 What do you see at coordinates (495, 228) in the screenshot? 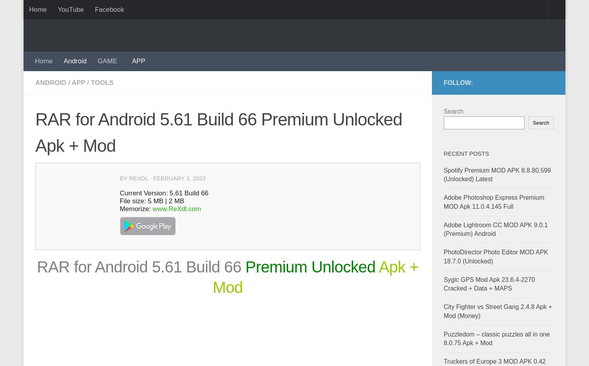
I see `'Adobe Lightroom CC MOD APK 9.0.1 (Premium) Android'` at bounding box center [495, 228].